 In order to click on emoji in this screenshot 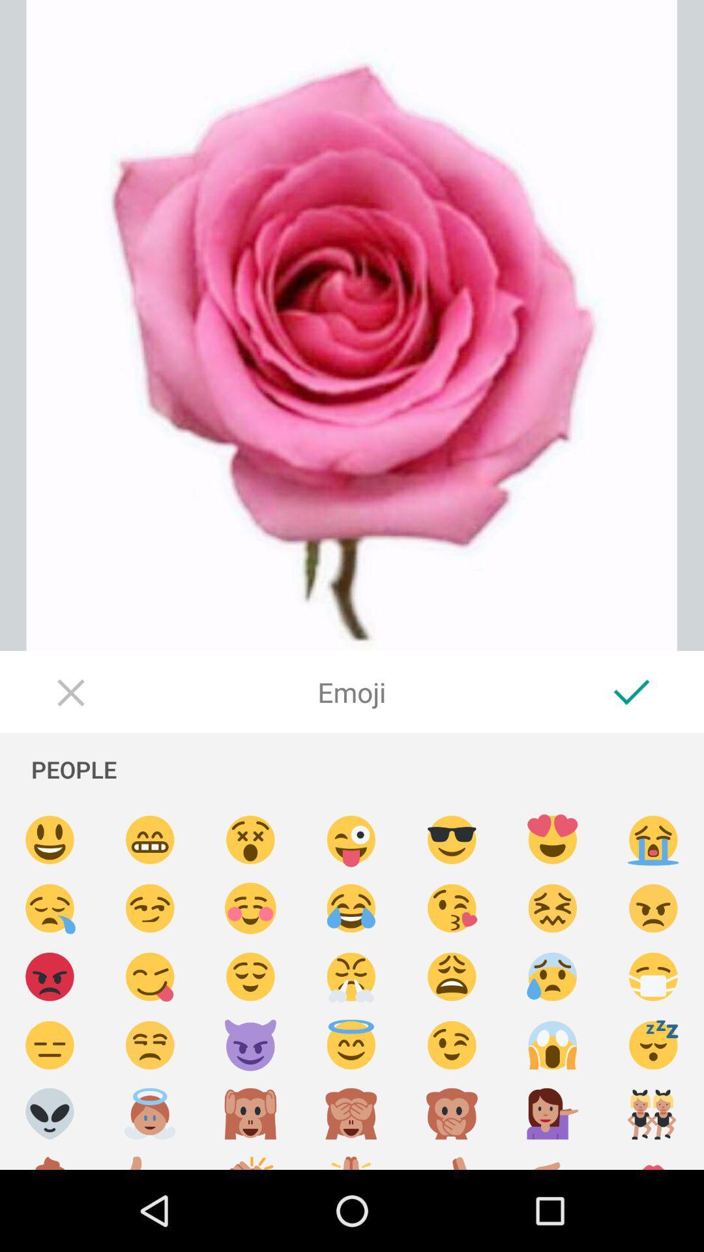, I will do `click(653, 1045)`.